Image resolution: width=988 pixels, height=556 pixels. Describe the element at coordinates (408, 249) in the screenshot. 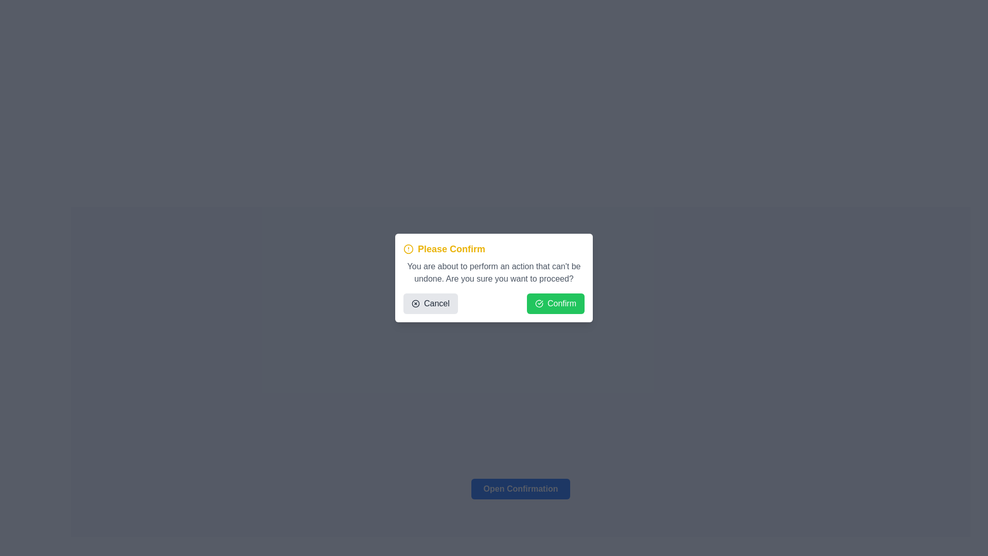

I see `the alert or warning icon located to the left of the 'Please Confirm' text in the dialog header area` at that location.